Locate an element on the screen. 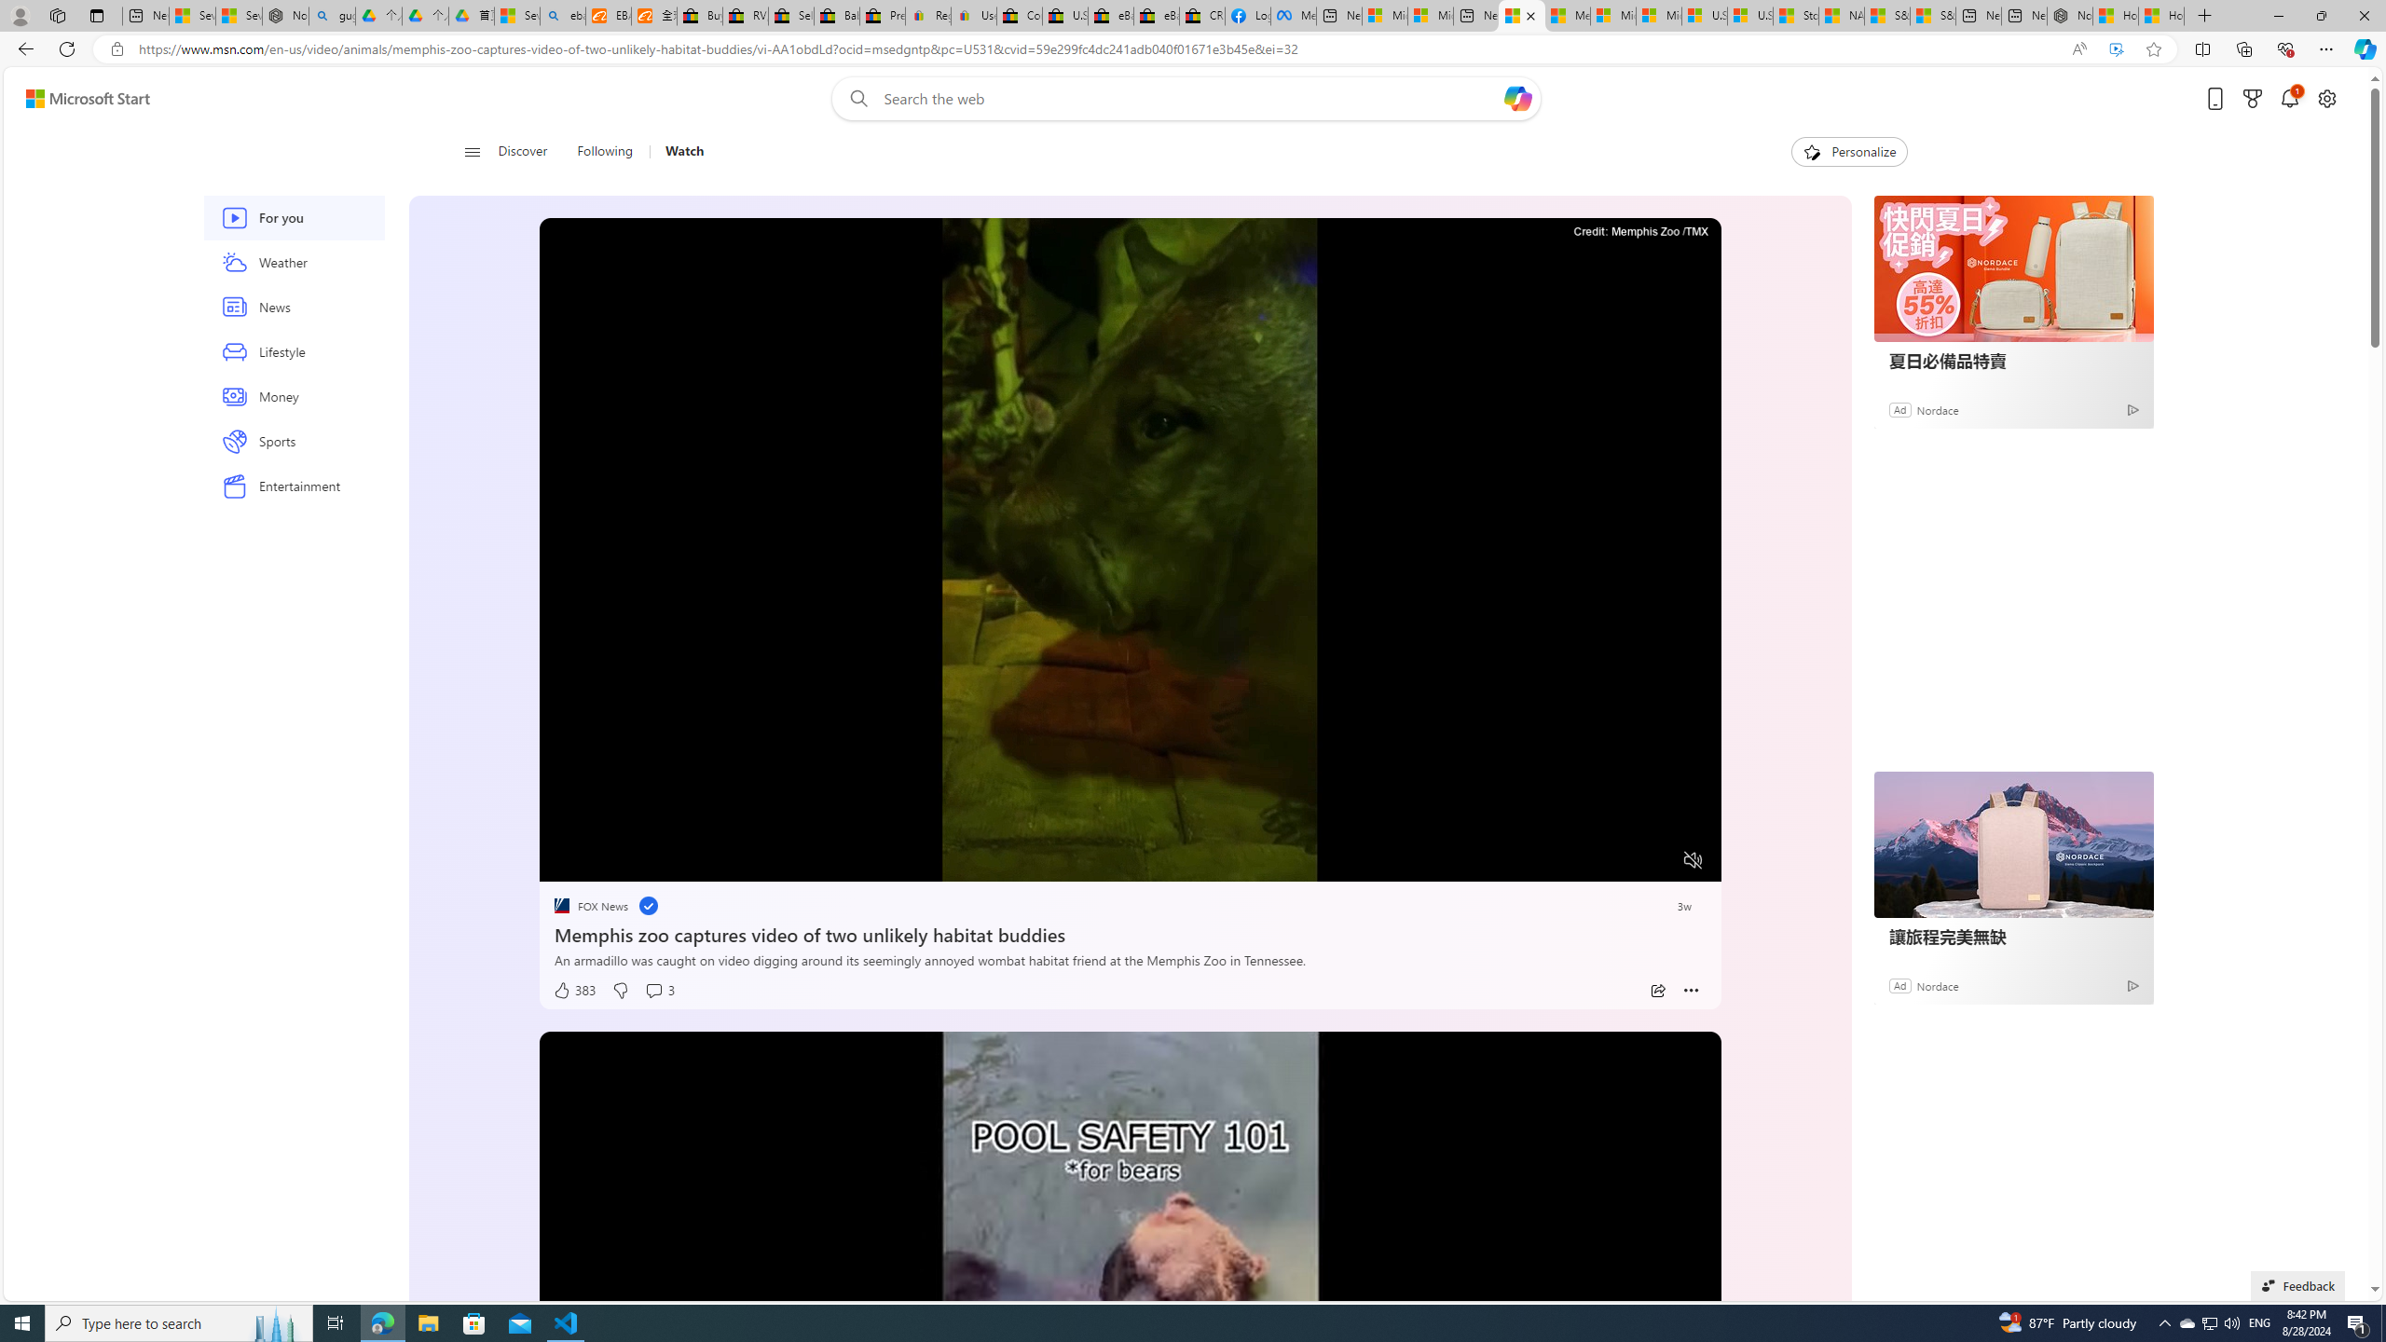  'Share' is located at coordinates (1656, 990).